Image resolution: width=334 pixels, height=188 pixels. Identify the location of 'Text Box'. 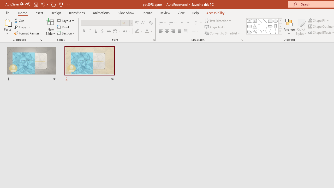
(249, 21).